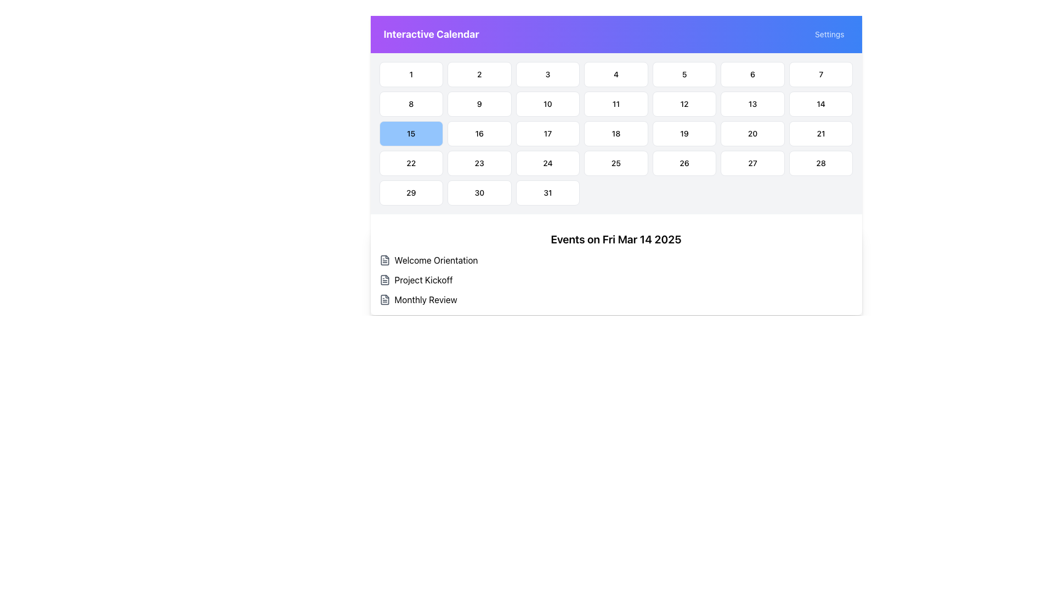  I want to click on the Calendar Date Tile for the date '15', which is a rounded rectangle with a blue background and bordered outline, so click(410, 133).